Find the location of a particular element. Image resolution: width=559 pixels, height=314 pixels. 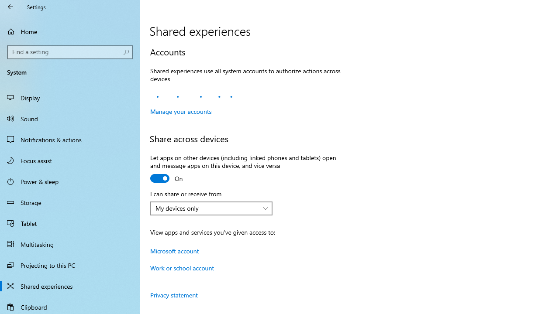

'Notifications & actions' is located at coordinates (70, 139).